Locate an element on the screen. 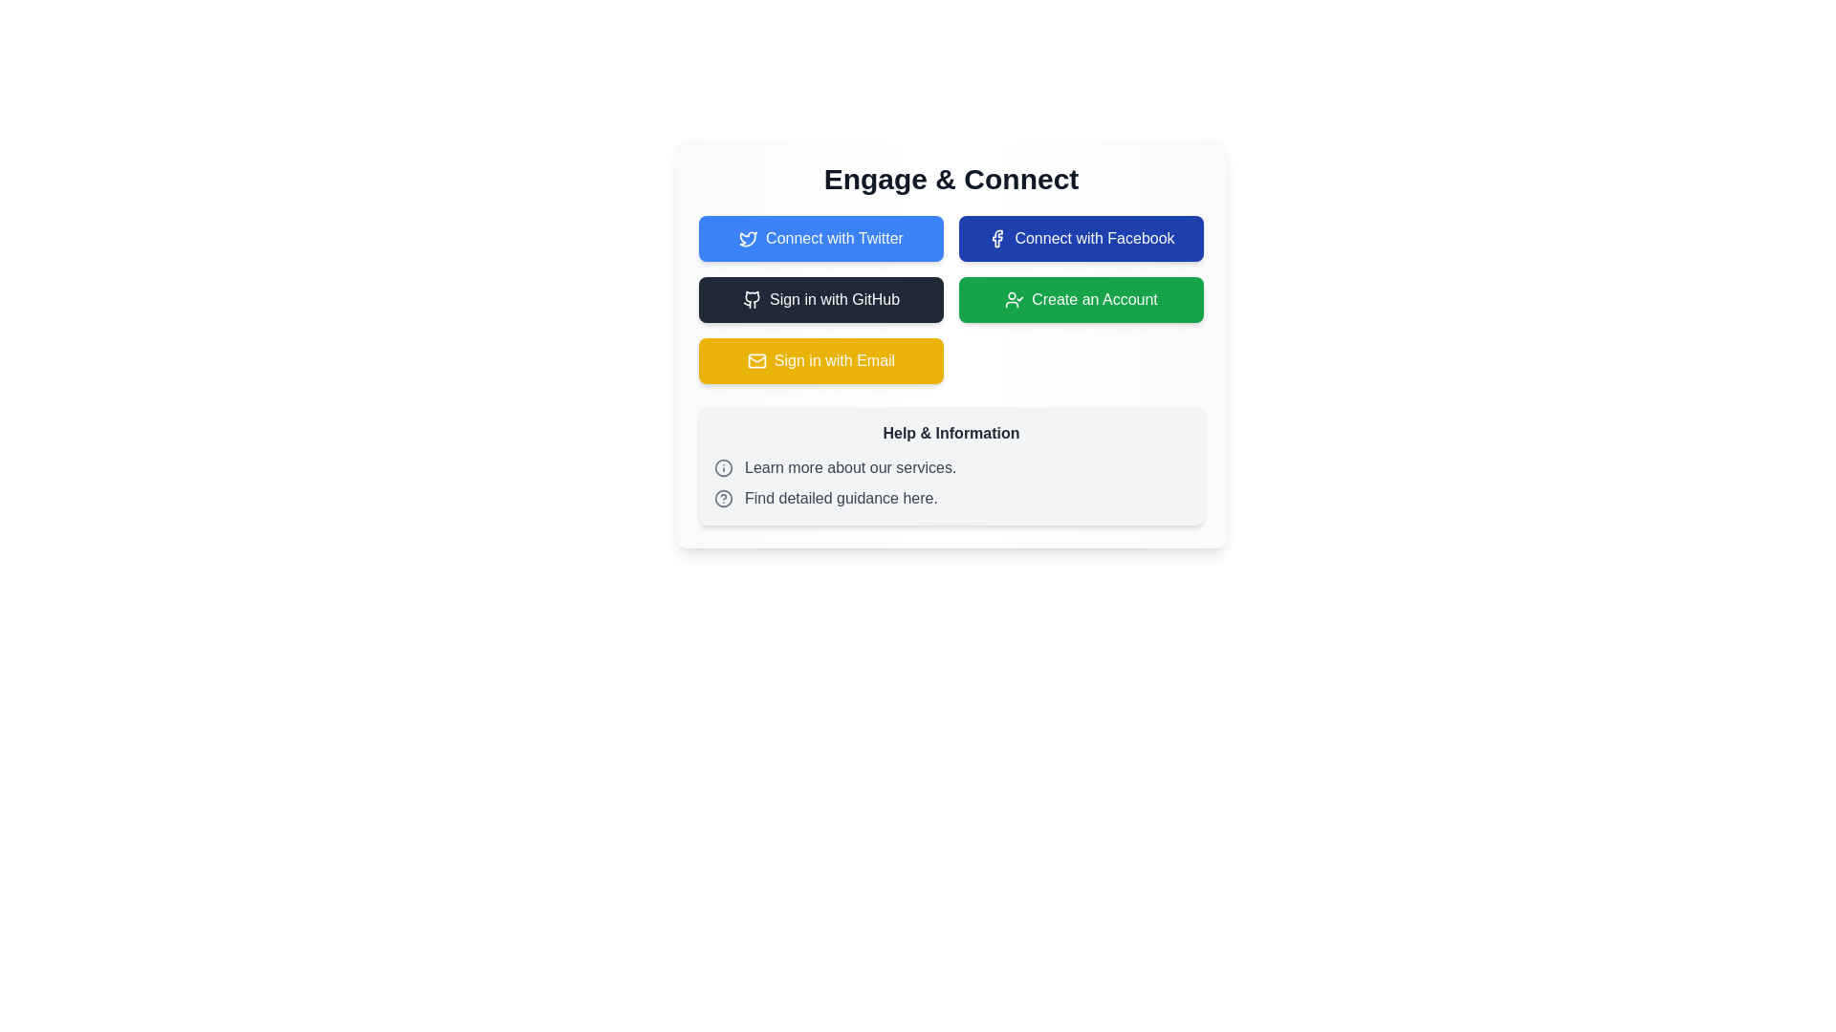 This screenshot has height=1032, width=1836. the Informational panel titled 'Help & Information', which contains guidance on services and support is located at coordinates (951, 466).